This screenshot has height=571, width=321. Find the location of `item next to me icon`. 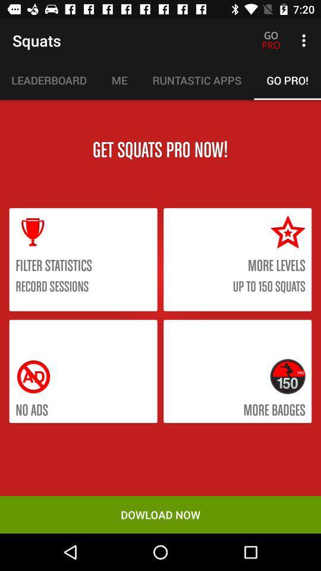

item next to me icon is located at coordinates (49, 80).